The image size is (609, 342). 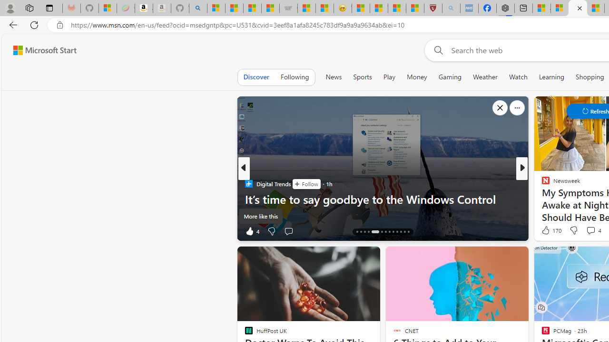 I want to click on '28 Like', so click(x=547, y=231).